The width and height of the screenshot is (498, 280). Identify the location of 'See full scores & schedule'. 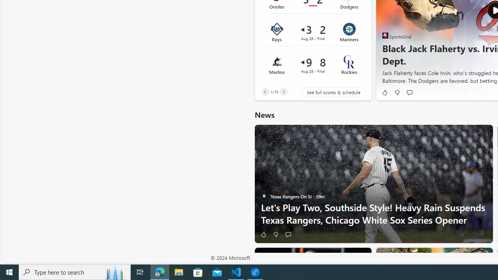
(328, 91).